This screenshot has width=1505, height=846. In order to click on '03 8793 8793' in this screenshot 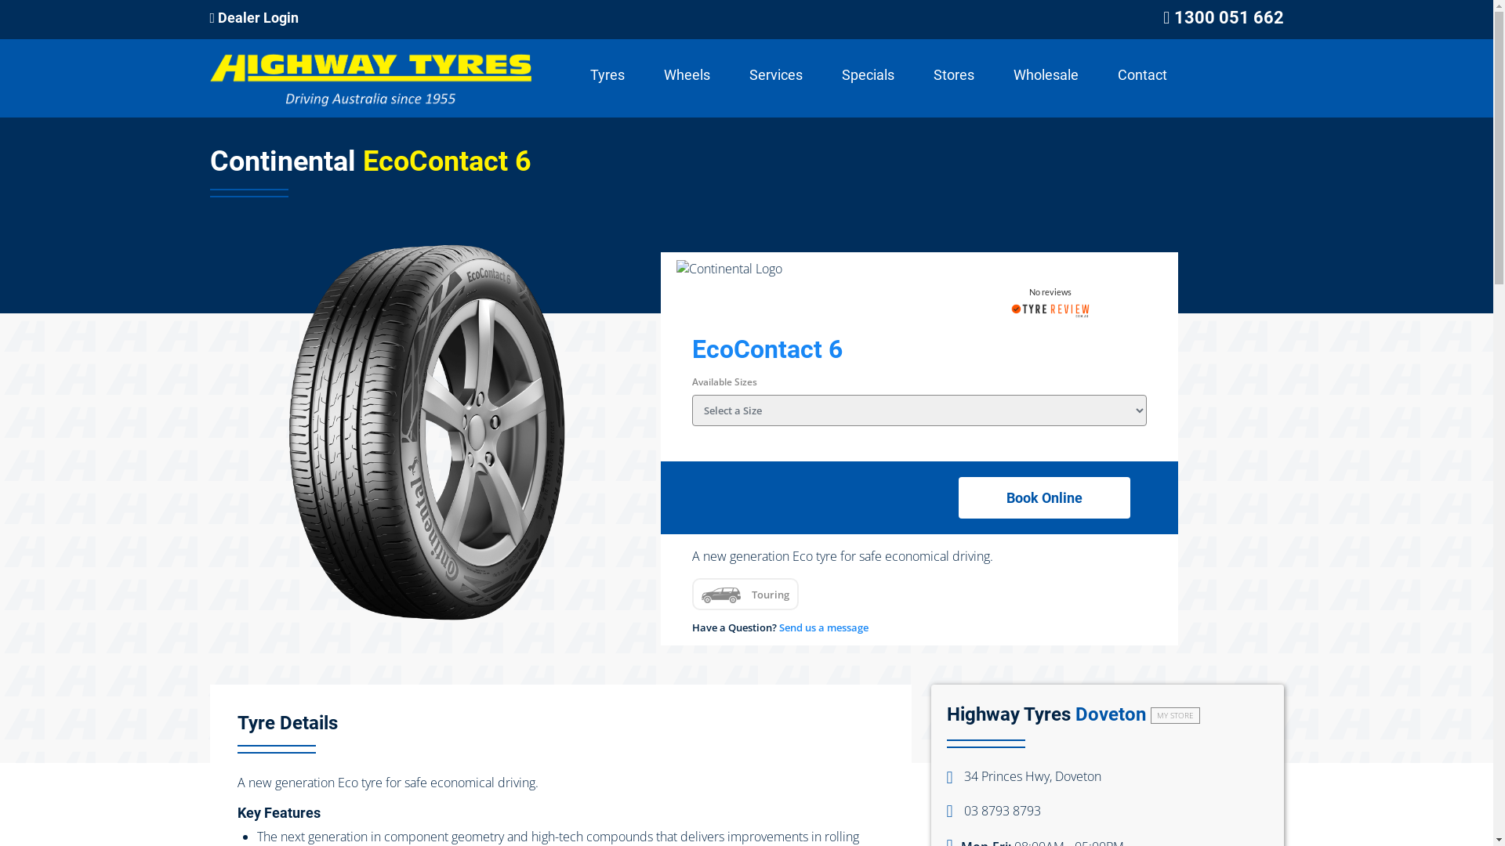, I will do `click(992, 810)`.